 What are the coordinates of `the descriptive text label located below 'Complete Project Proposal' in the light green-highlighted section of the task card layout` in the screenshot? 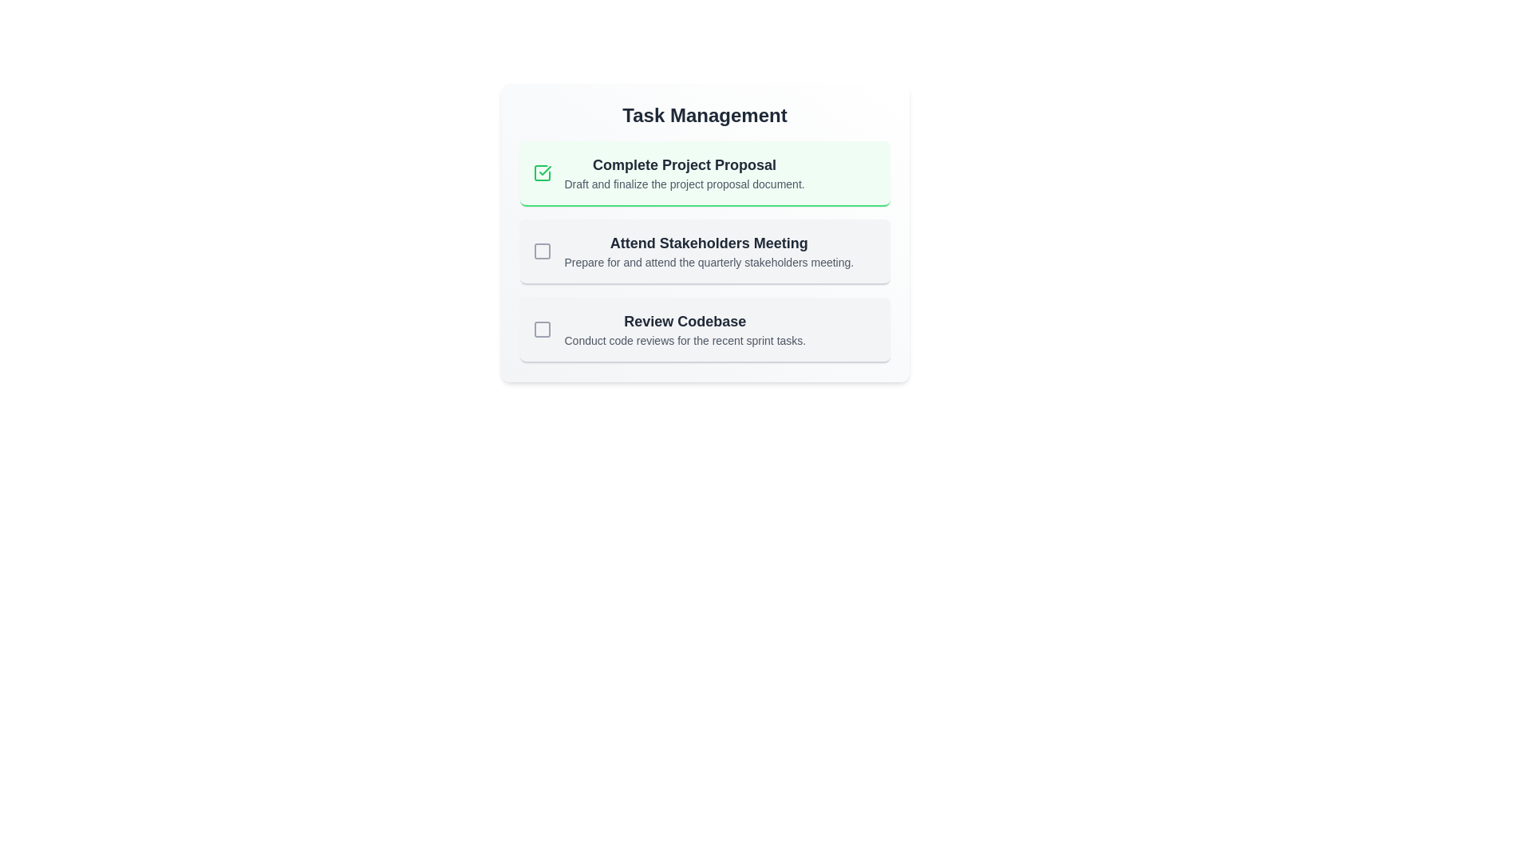 It's located at (685, 184).